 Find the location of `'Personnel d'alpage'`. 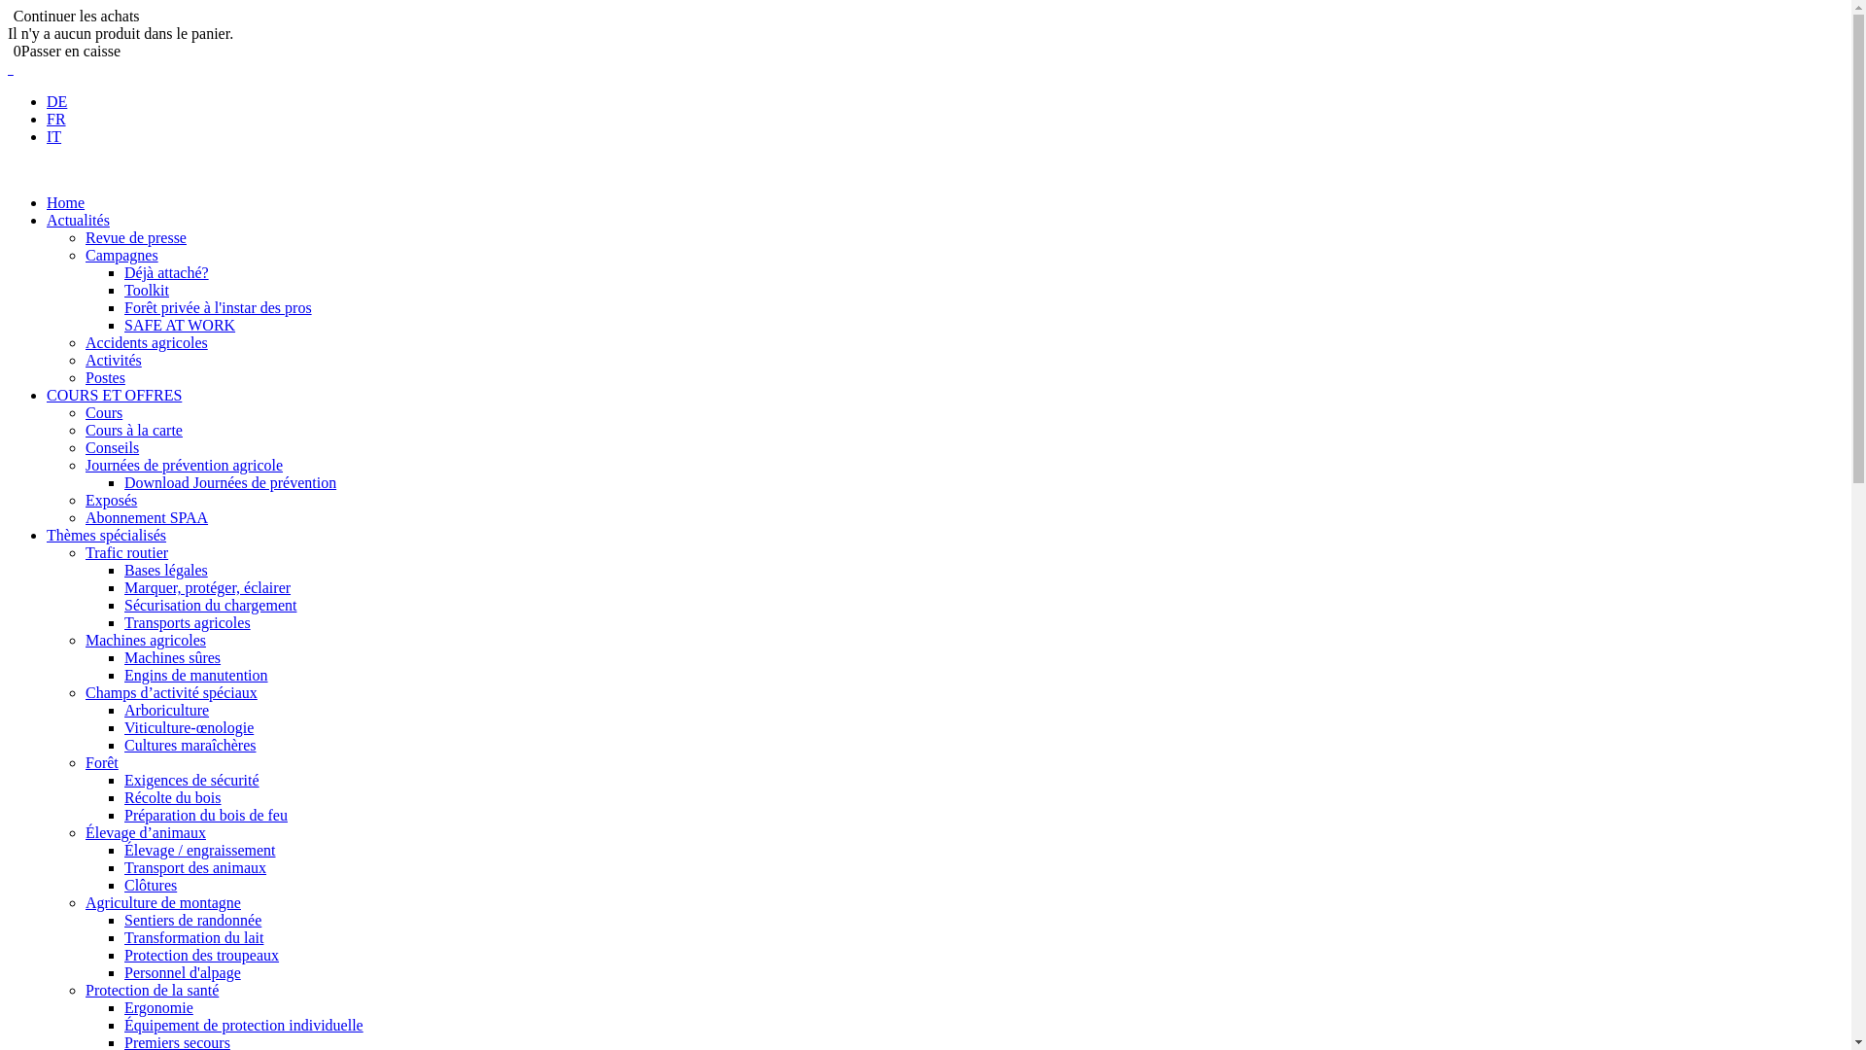

'Personnel d'alpage' is located at coordinates (182, 972).